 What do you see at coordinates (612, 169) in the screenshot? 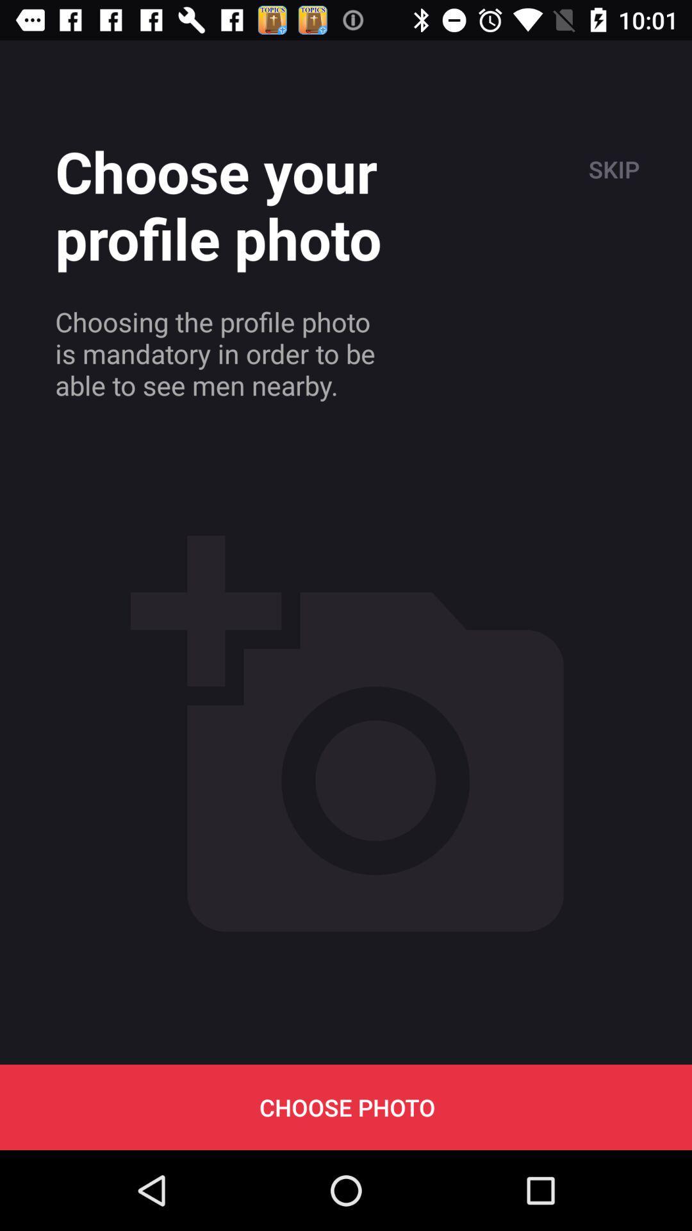
I see `skip item` at bounding box center [612, 169].